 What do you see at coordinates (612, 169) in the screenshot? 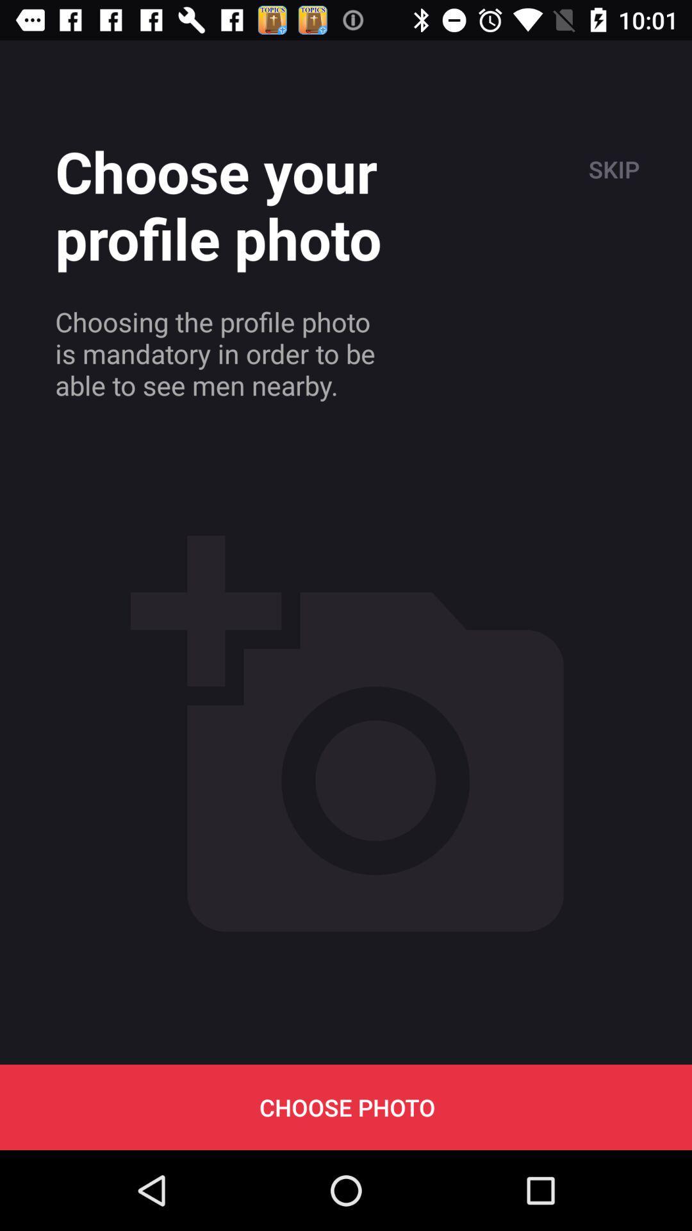
I see `skip item` at bounding box center [612, 169].